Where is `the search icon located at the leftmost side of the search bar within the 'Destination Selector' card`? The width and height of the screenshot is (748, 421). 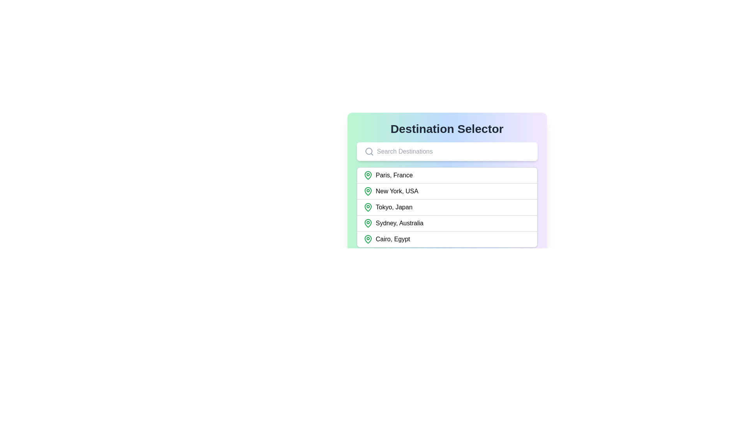 the search icon located at the leftmost side of the search bar within the 'Destination Selector' card is located at coordinates (369, 152).